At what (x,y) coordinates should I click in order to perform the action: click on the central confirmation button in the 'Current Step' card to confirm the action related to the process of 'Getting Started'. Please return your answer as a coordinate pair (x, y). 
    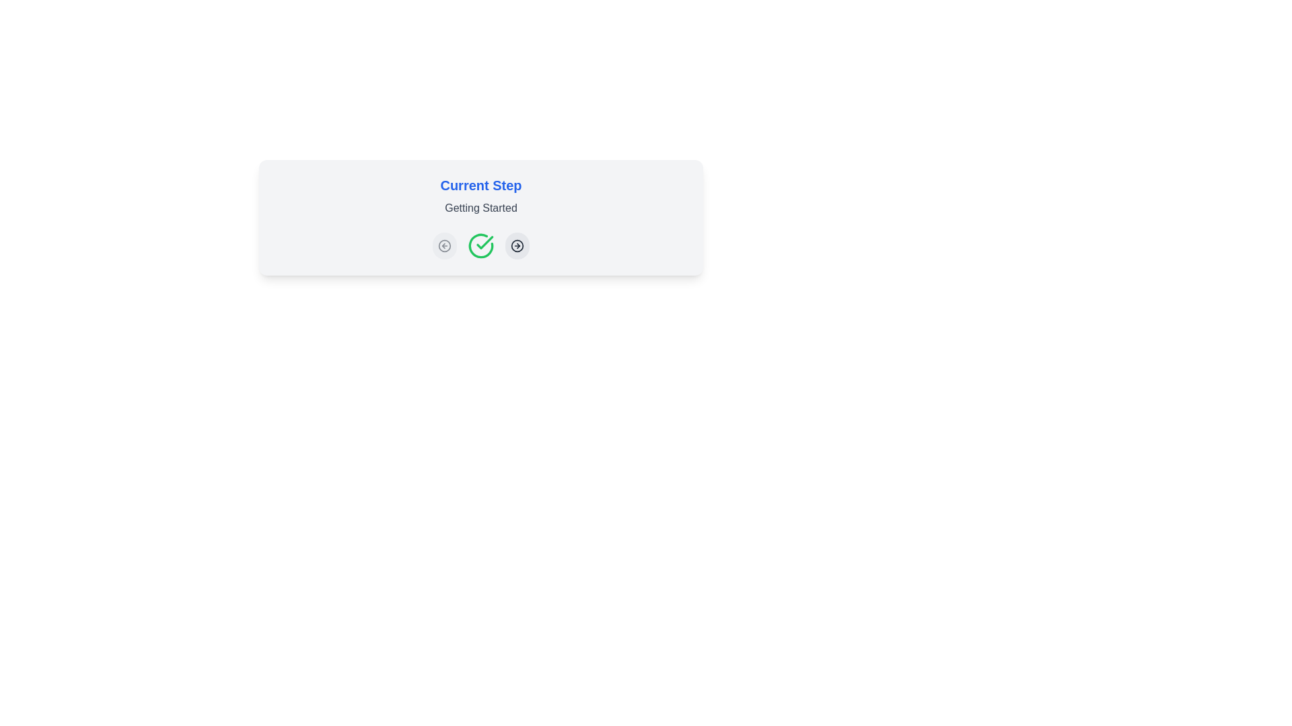
    Looking at the image, I should click on (481, 246).